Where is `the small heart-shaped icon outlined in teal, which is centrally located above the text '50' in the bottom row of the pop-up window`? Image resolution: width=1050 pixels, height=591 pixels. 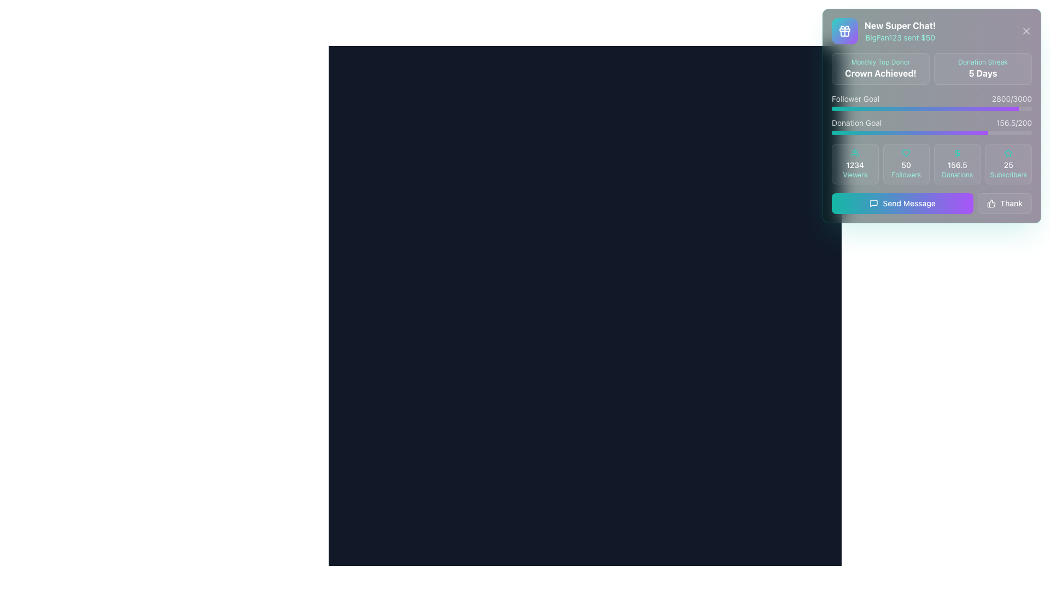
the small heart-shaped icon outlined in teal, which is centrally located above the text '50' in the bottom row of the pop-up window is located at coordinates (906, 153).